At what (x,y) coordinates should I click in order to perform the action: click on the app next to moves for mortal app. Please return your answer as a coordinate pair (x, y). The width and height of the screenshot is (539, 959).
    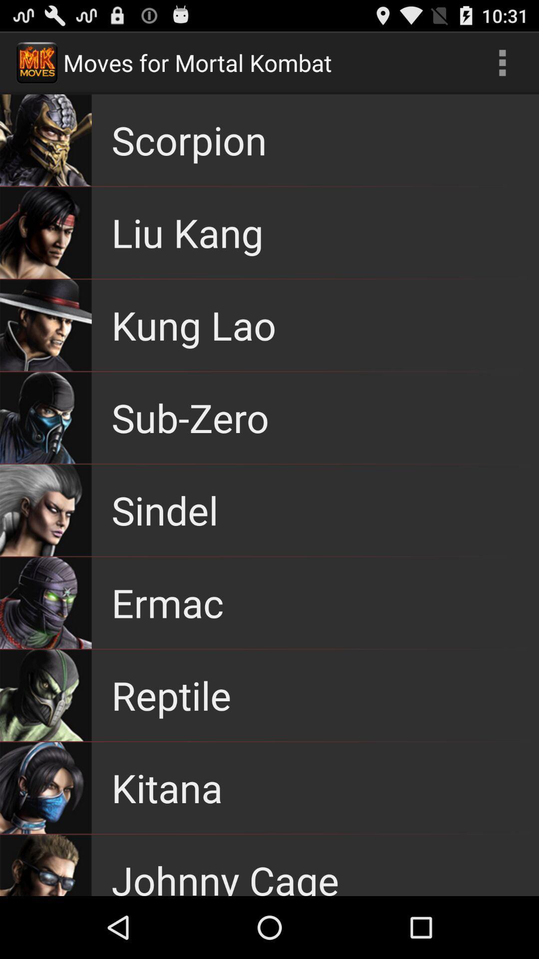
    Looking at the image, I should click on (502, 62).